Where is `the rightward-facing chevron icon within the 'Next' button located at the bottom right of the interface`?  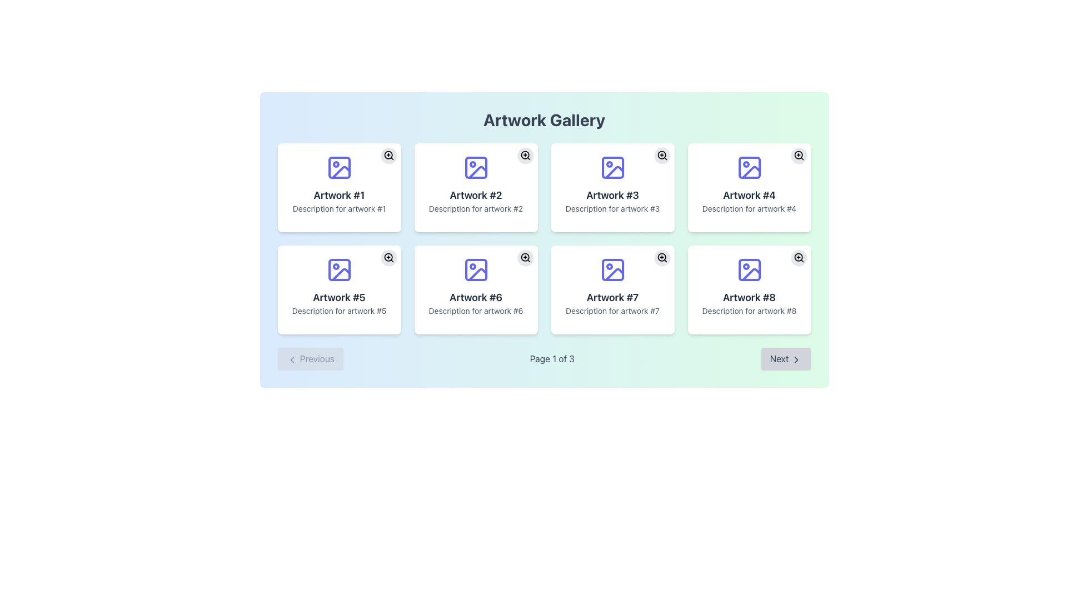 the rightward-facing chevron icon within the 'Next' button located at the bottom right of the interface is located at coordinates (796, 359).